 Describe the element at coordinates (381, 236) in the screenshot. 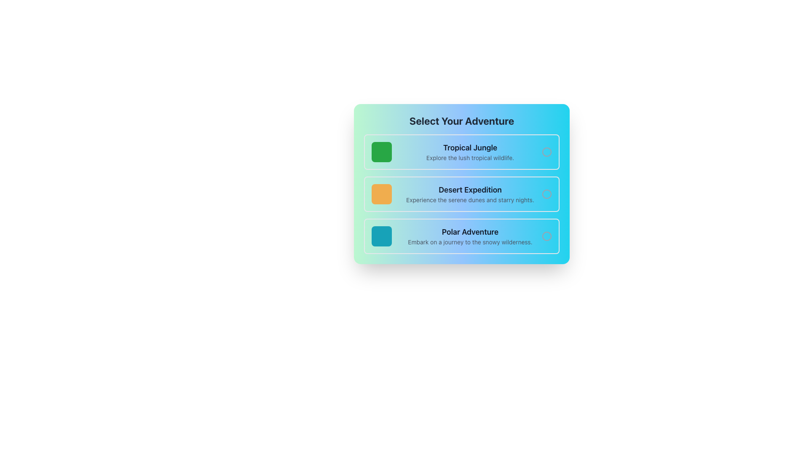

I see `the teal square-shaped graphical marker located to the left of the 'Polar Adventure' option in the selection panel` at that location.